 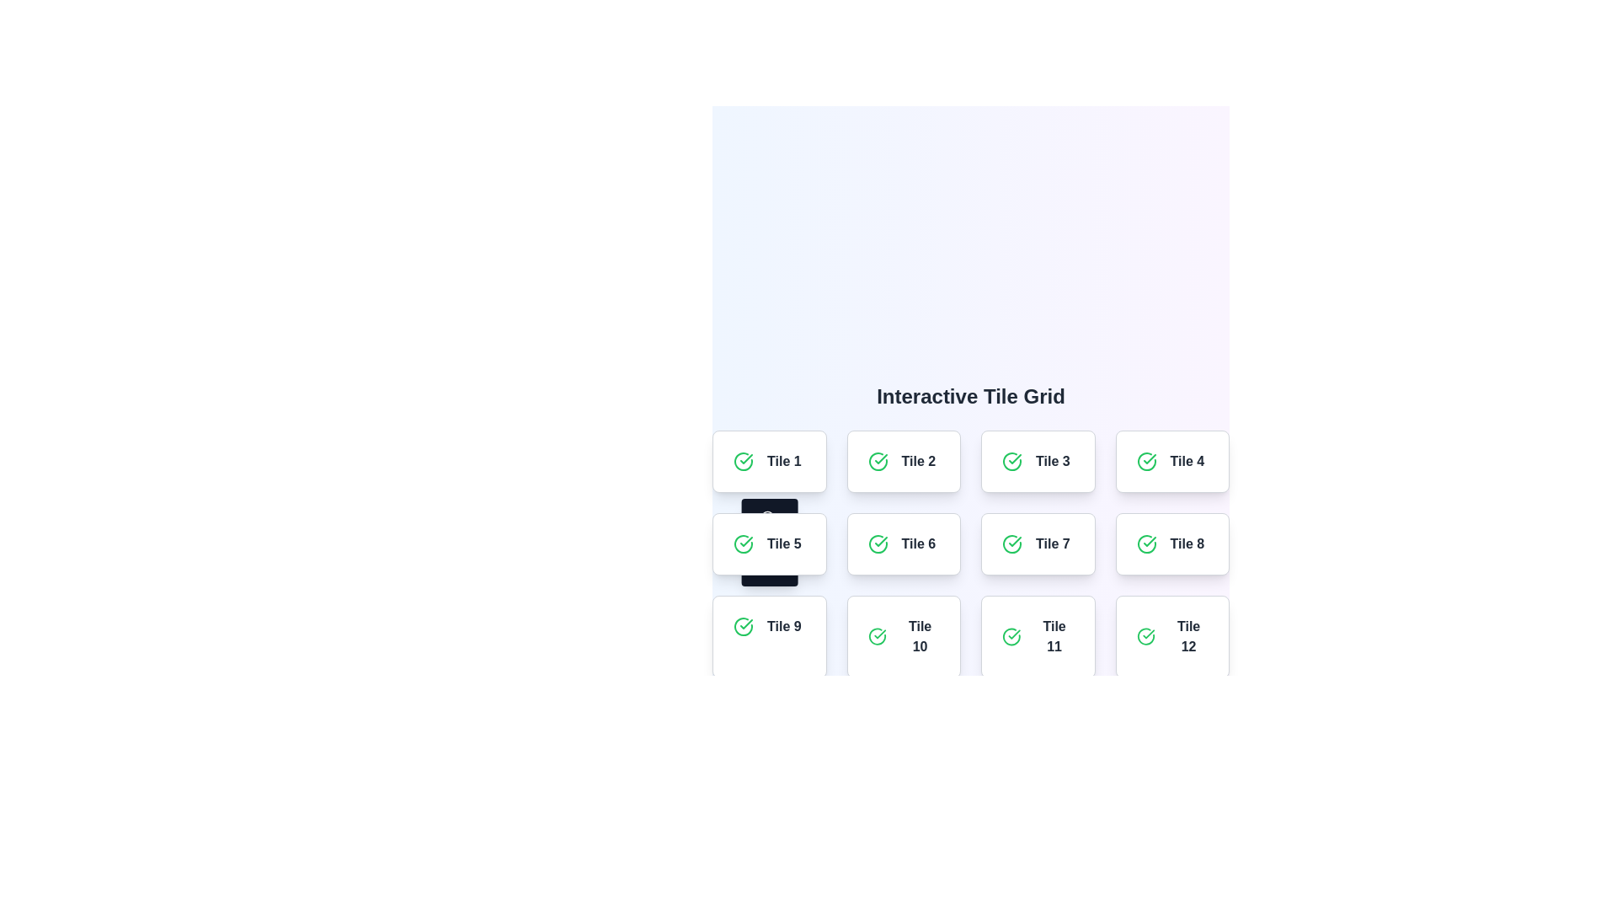 I want to click on the 'Tile 9' element which is a green circular check icon followed by bold text, located in the second column of the third row of the grid layout, so click(x=768, y=627).